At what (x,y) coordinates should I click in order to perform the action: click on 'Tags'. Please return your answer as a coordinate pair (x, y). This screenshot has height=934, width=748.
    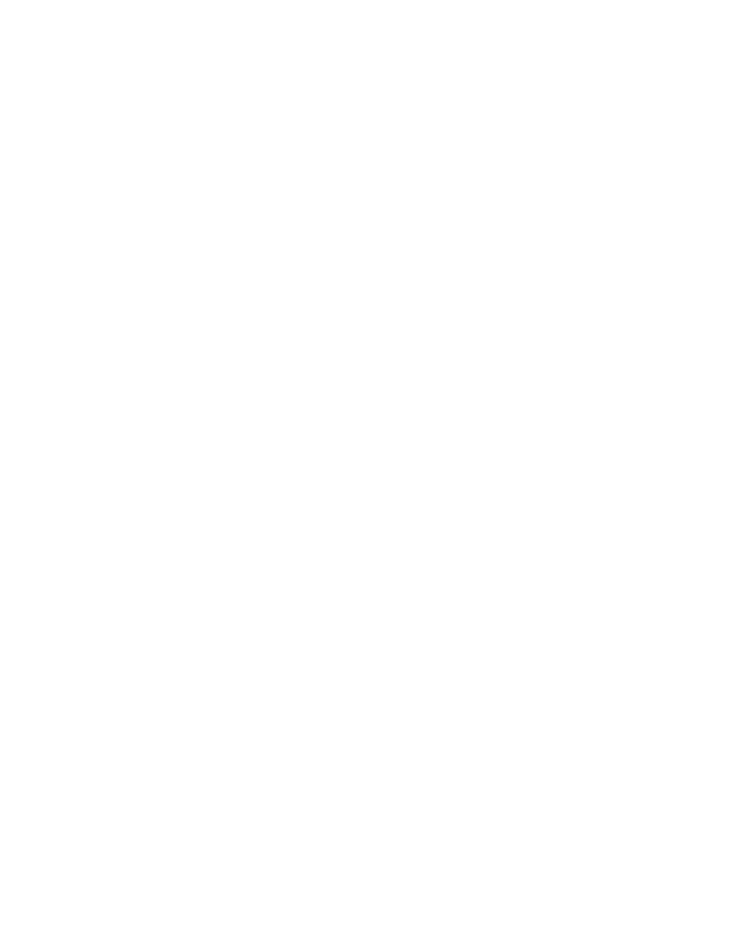
    Looking at the image, I should click on (247, 743).